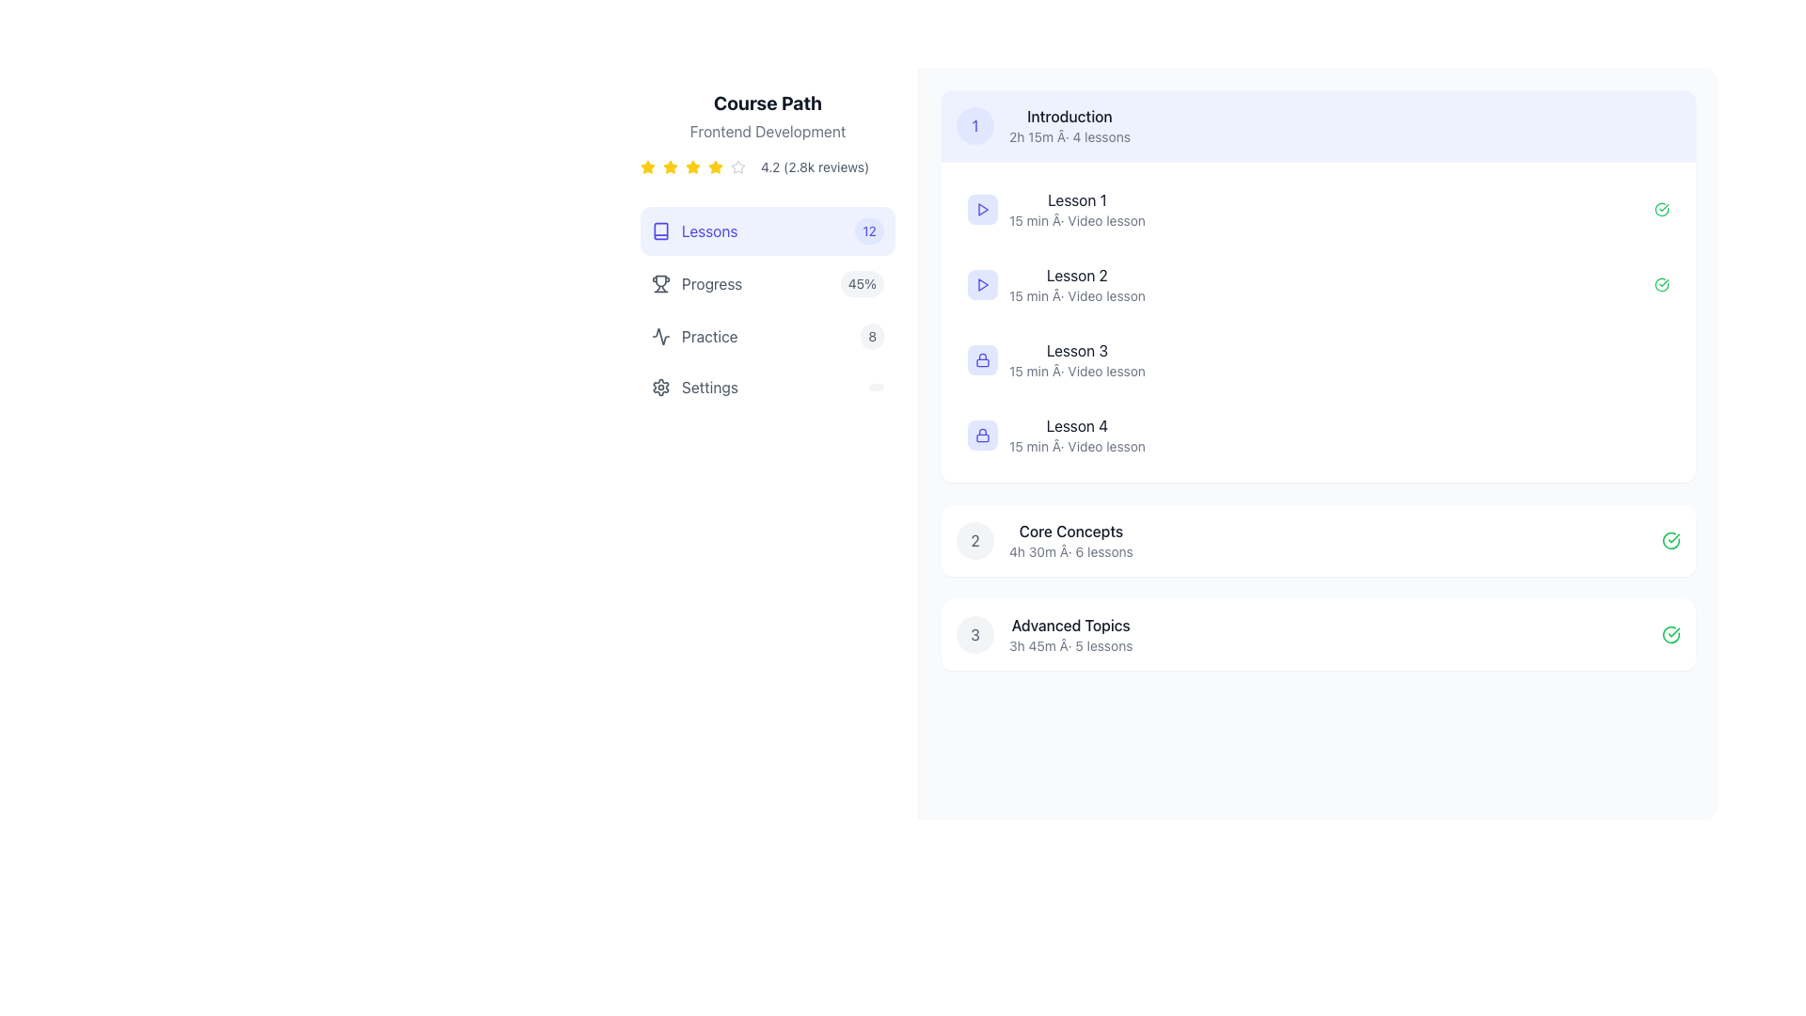 The width and height of the screenshot is (1806, 1016). What do you see at coordinates (1671, 635) in the screenshot?
I see `the green circular checkmark icon located at the rightmost side of the 'Advanced Topics' section` at bounding box center [1671, 635].